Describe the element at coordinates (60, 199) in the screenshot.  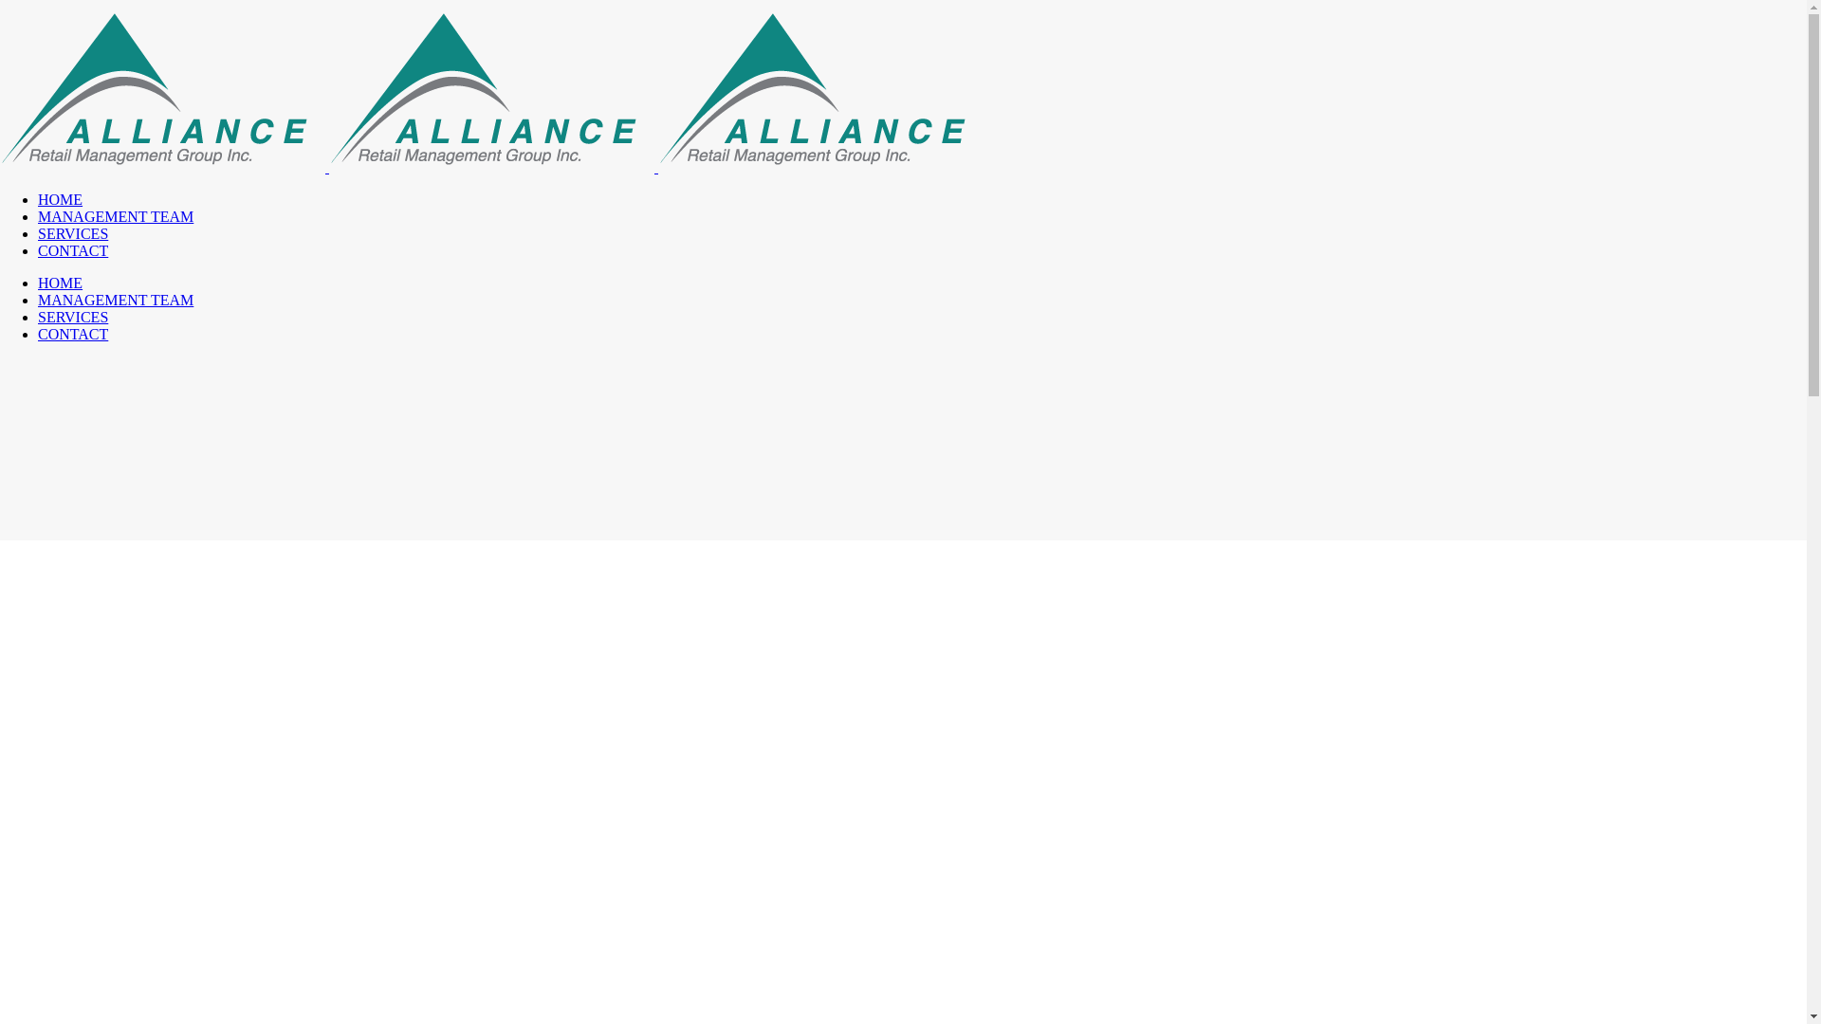
I see `'HOME'` at that location.